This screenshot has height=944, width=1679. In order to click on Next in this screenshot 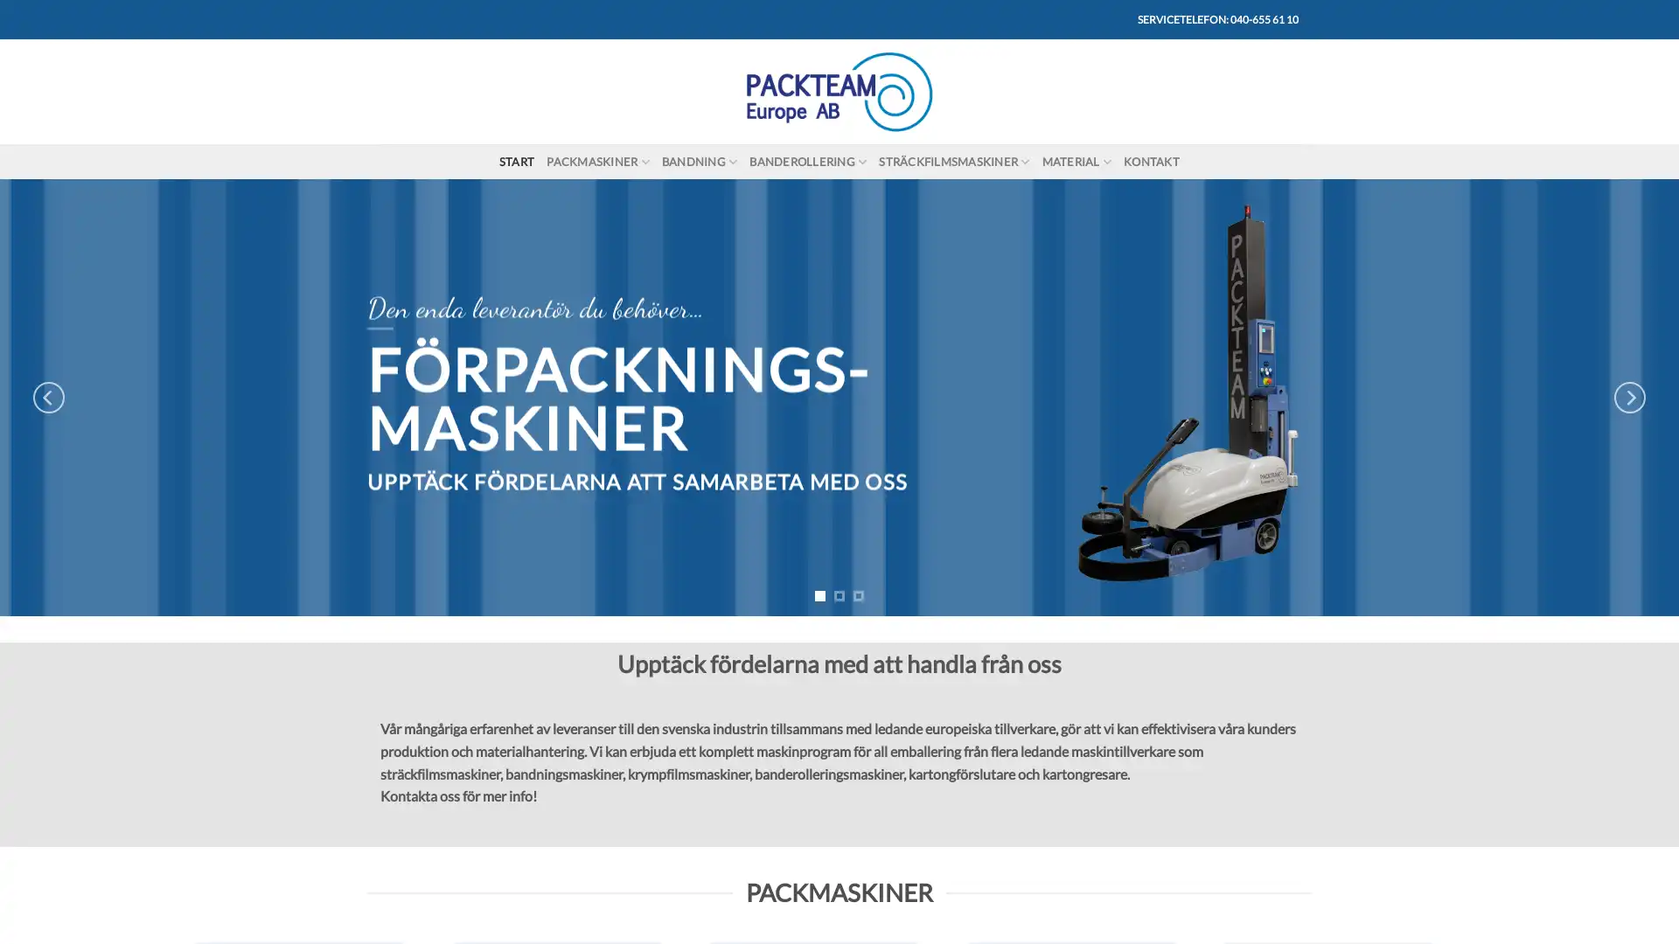, I will do `click(1627, 398)`.